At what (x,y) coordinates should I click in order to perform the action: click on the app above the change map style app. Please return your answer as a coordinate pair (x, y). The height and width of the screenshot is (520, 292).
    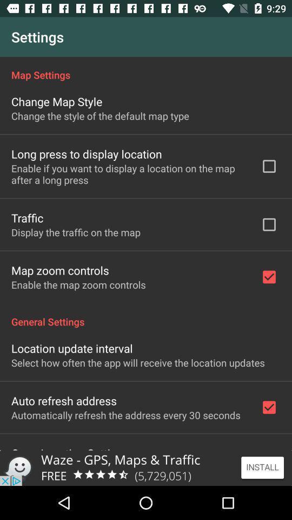
    Looking at the image, I should click on (146, 68).